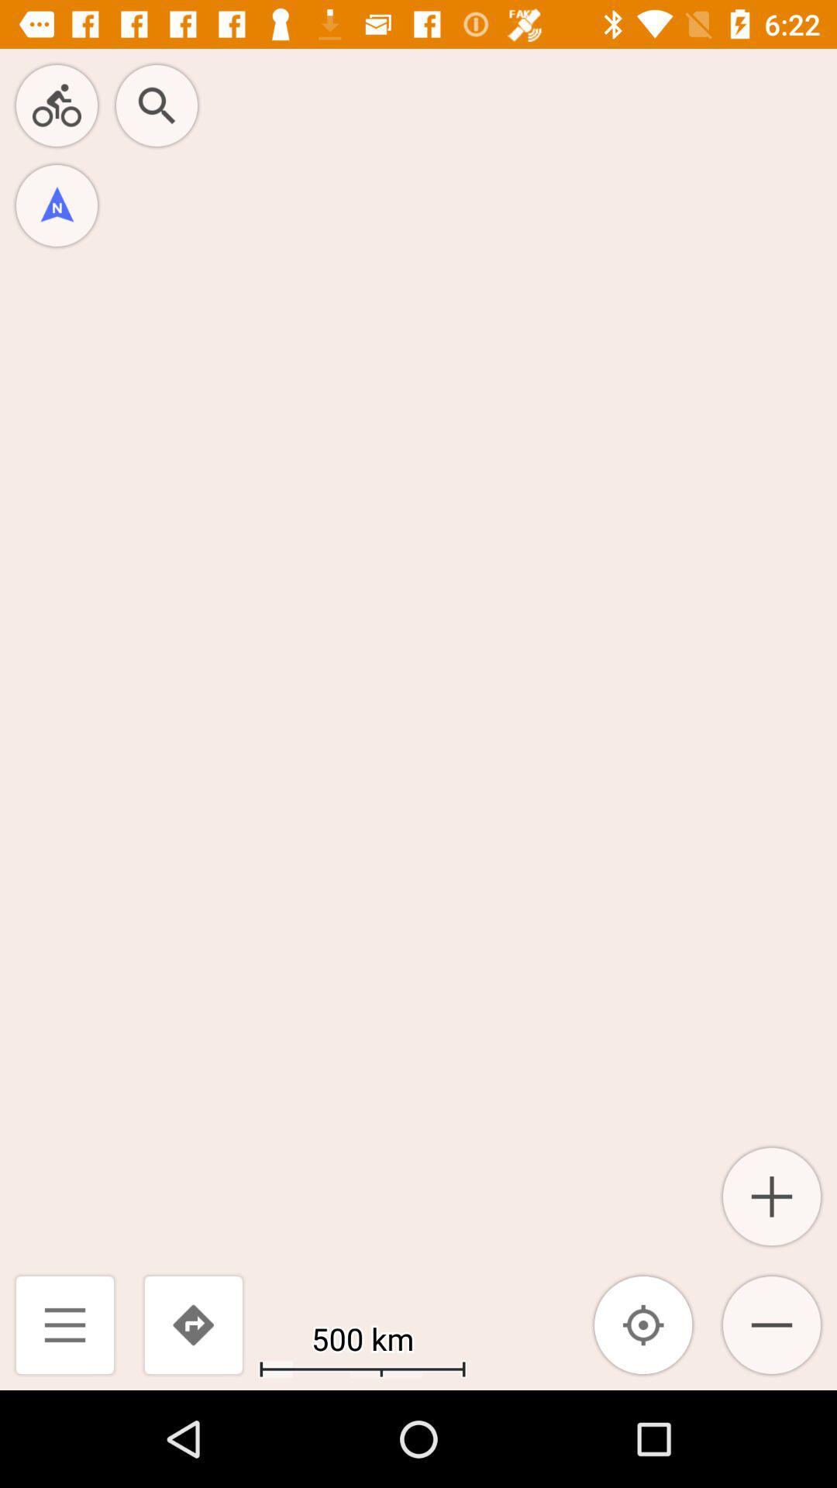 The height and width of the screenshot is (1488, 837). Describe the element at coordinates (157, 105) in the screenshot. I see `the search icon` at that location.